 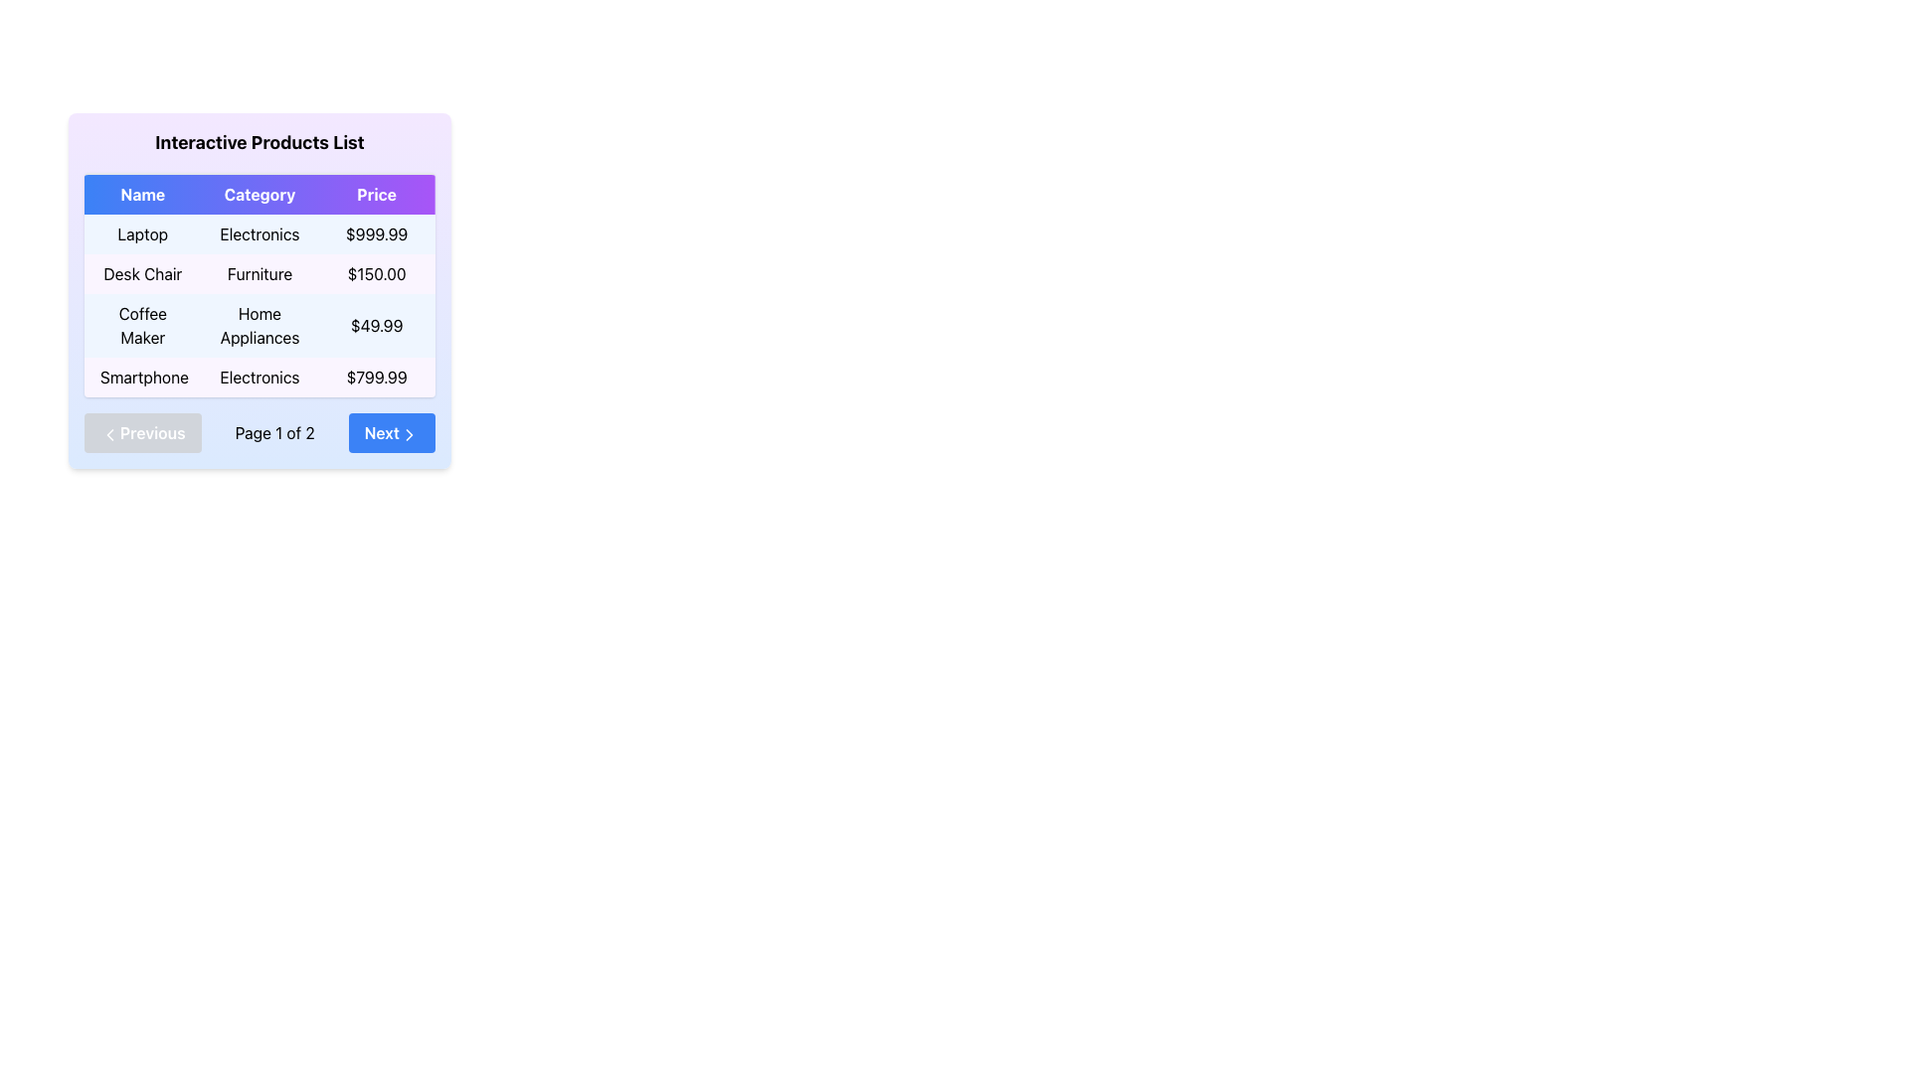 I want to click on the Label displaying 'Laptop', which is located in the leftmost column of the first row of the product grid, so click(x=141, y=232).